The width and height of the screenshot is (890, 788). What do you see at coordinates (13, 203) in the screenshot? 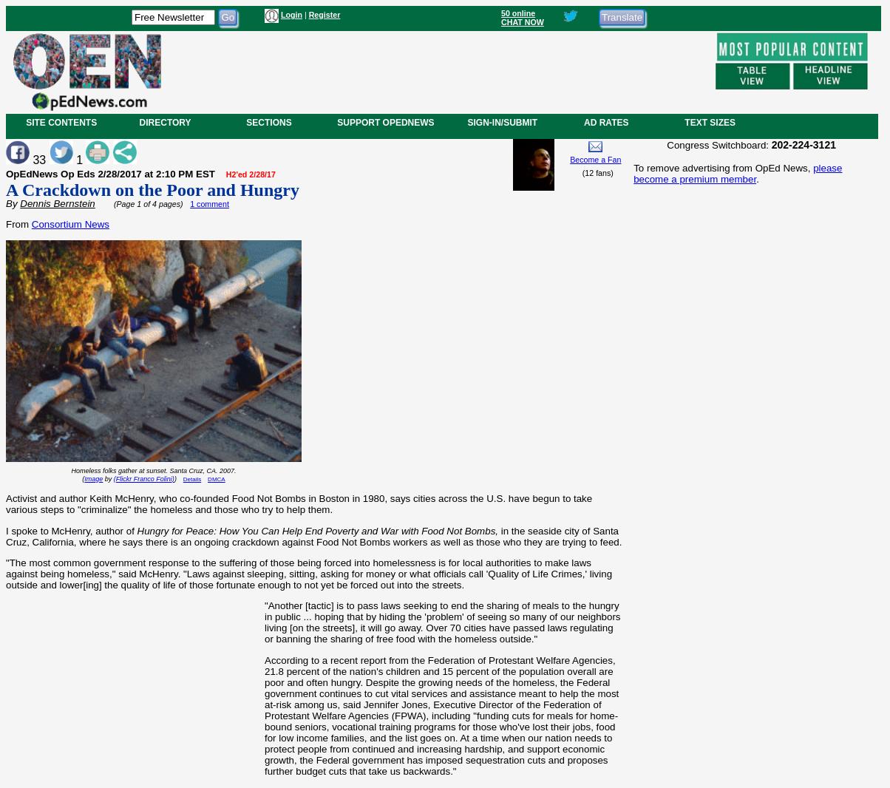
I see `'By'` at bounding box center [13, 203].